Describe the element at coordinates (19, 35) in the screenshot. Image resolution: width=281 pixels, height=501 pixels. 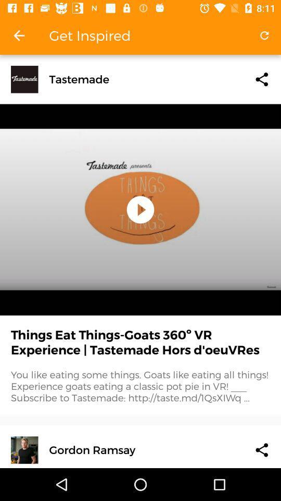
I see `item to the left of get inspired` at that location.